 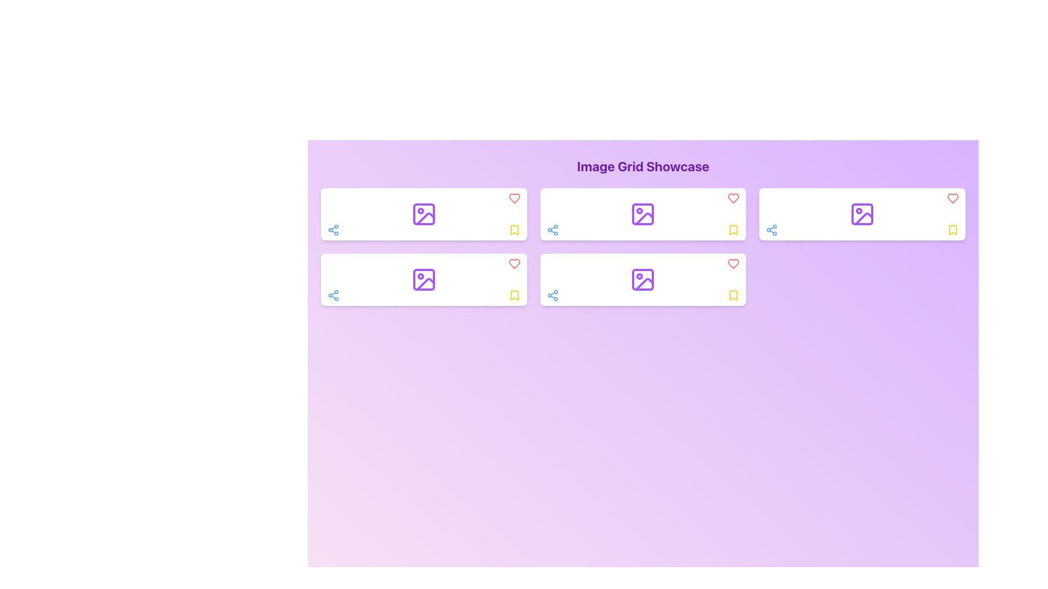 What do you see at coordinates (643, 214) in the screenshot?
I see `the share icon on the second card component in the image grid showcase for sharing options` at bounding box center [643, 214].